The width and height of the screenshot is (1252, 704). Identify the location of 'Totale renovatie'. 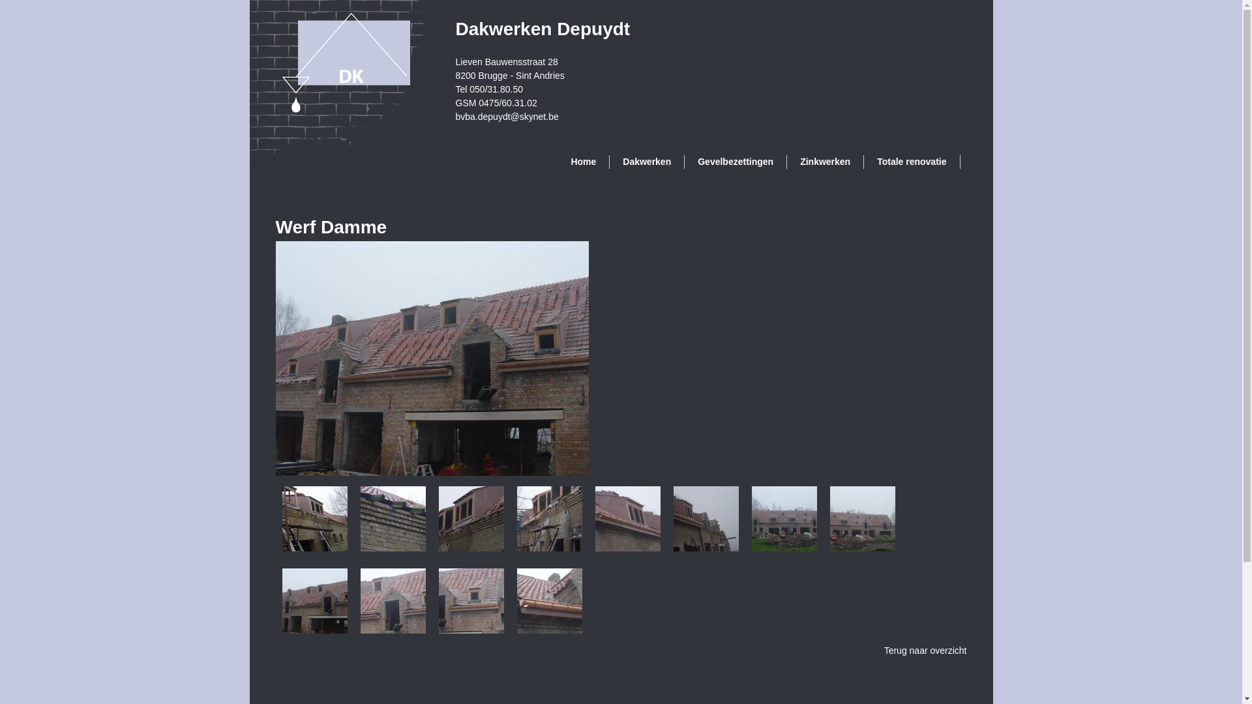
(911, 161).